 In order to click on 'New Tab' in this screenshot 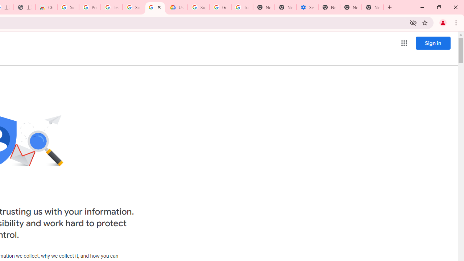, I will do `click(373, 7)`.